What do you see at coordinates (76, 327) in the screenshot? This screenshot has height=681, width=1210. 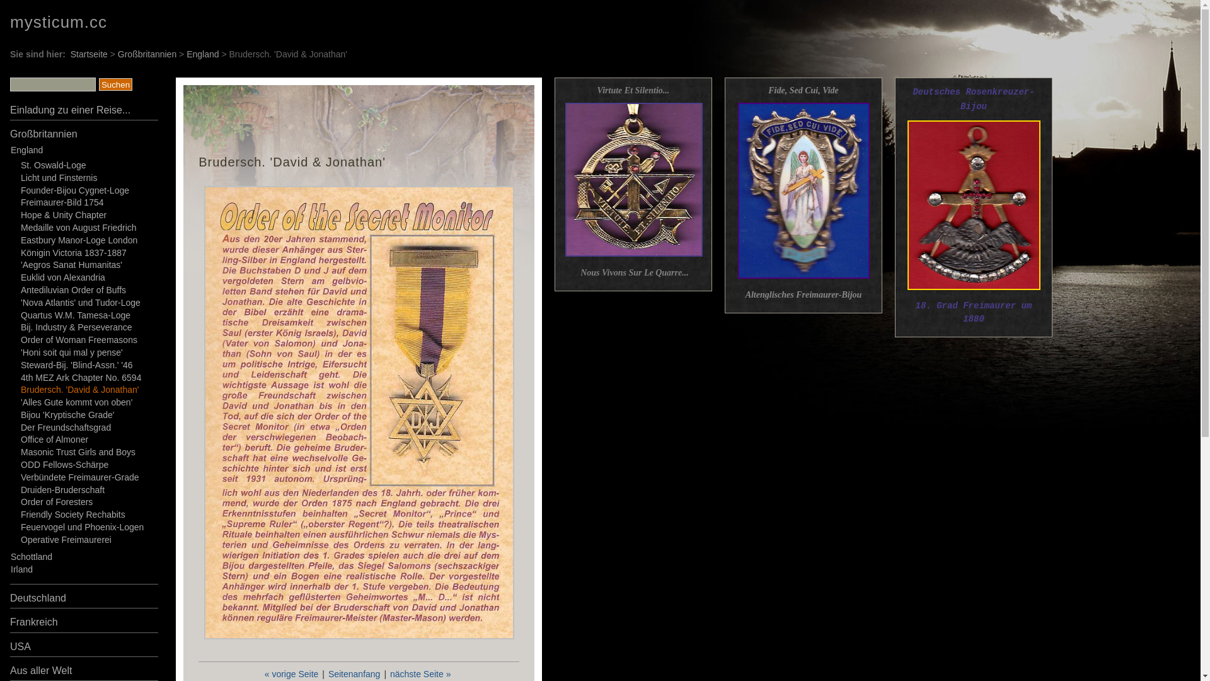 I see `'Bij. Industry & Perseverance'` at bounding box center [76, 327].